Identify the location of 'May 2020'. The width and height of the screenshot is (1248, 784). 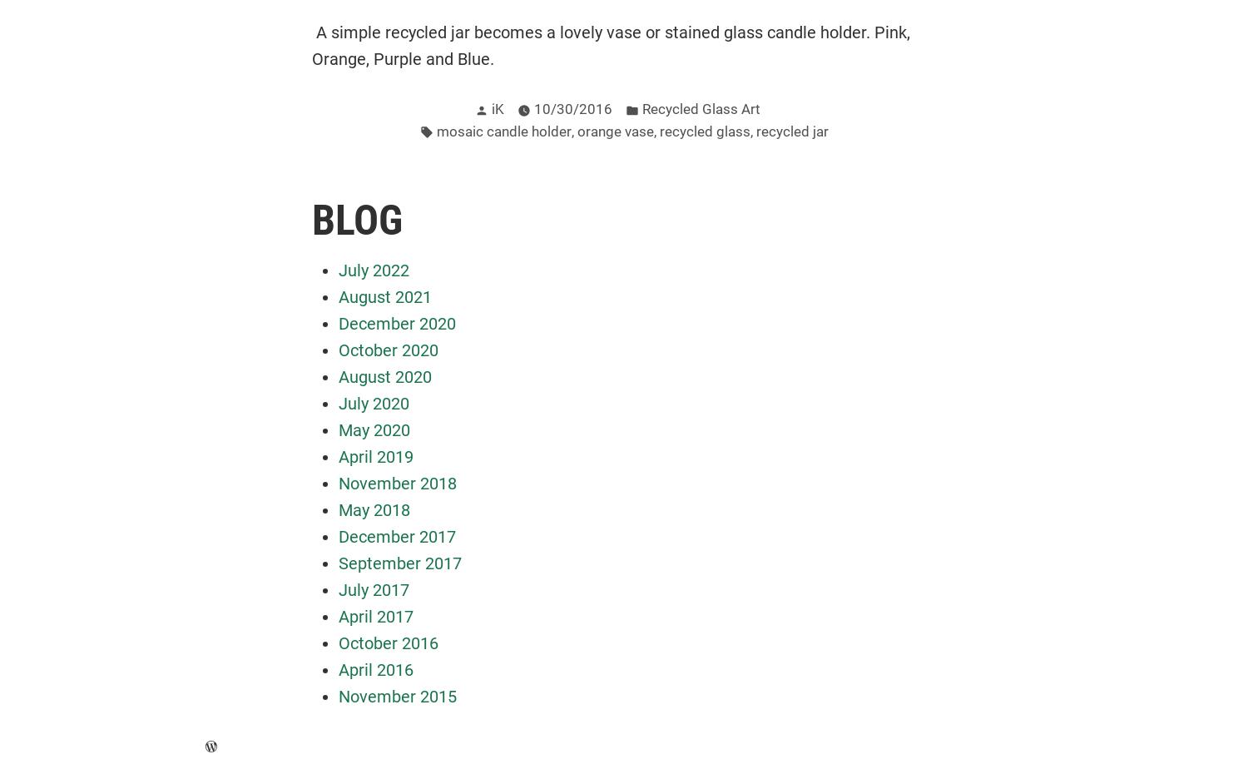
(374, 429).